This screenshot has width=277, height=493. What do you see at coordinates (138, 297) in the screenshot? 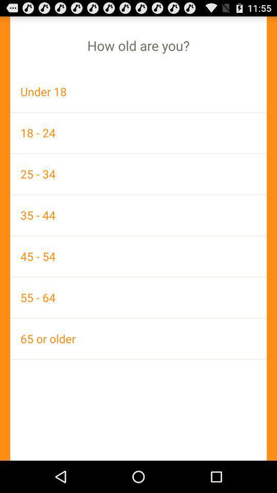
I see `the icon below the 45 - 54 app` at bounding box center [138, 297].